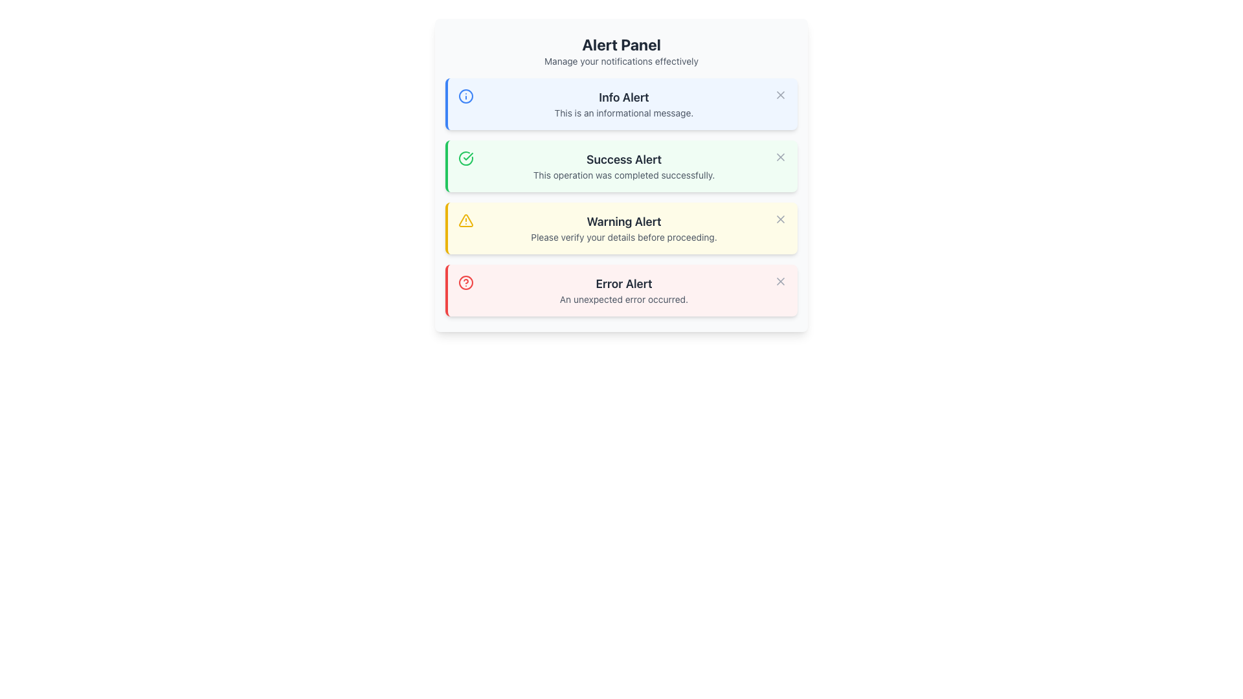  What do you see at coordinates (624, 299) in the screenshot?
I see `the static text displaying 'An unexpected error occurred.' located at the bottom of the 'Error Alert' notification component, which has a red border and pale red background` at bounding box center [624, 299].